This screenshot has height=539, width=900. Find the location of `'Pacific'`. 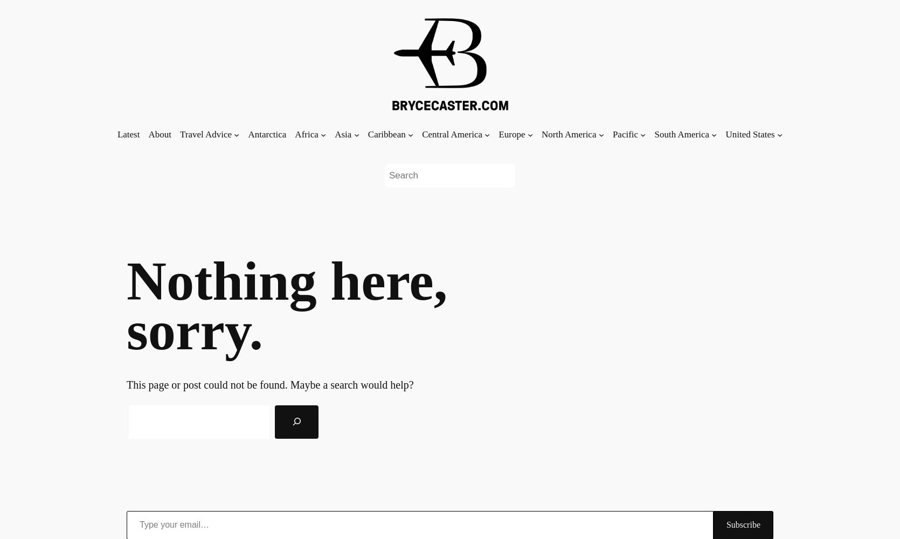

'Pacific' is located at coordinates (624, 134).